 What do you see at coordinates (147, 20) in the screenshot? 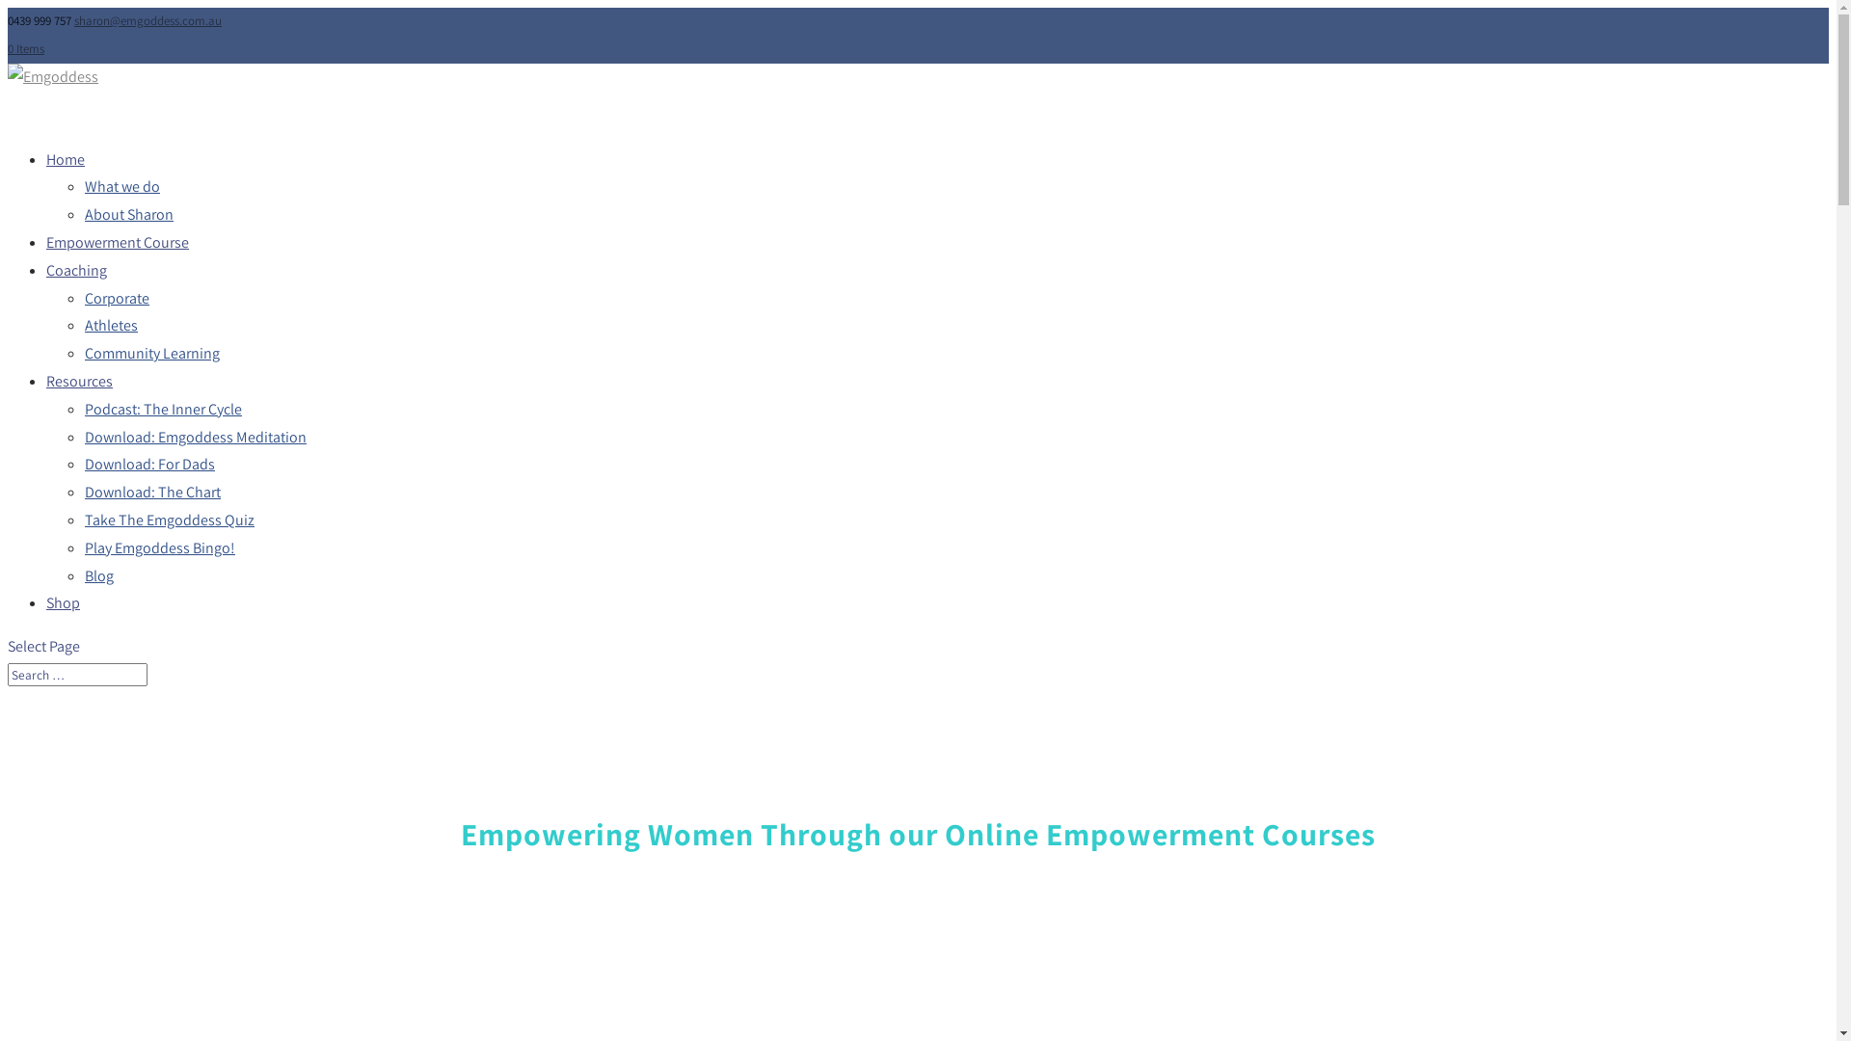
I see `'sharon@emgoddess.com.au'` at bounding box center [147, 20].